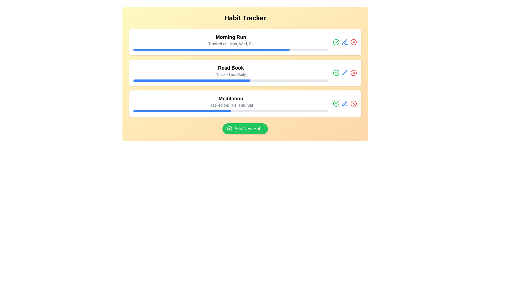 Image resolution: width=526 pixels, height=296 pixels. What do you see at coordinates (231, 105) in the screenshot?
I see `the static text label displaying 'Tracked on: Tue, Thu, Sat', which is located below the title 'Meditation' in the 'Habit Tracker' interface` at bounding box center [231, 105].